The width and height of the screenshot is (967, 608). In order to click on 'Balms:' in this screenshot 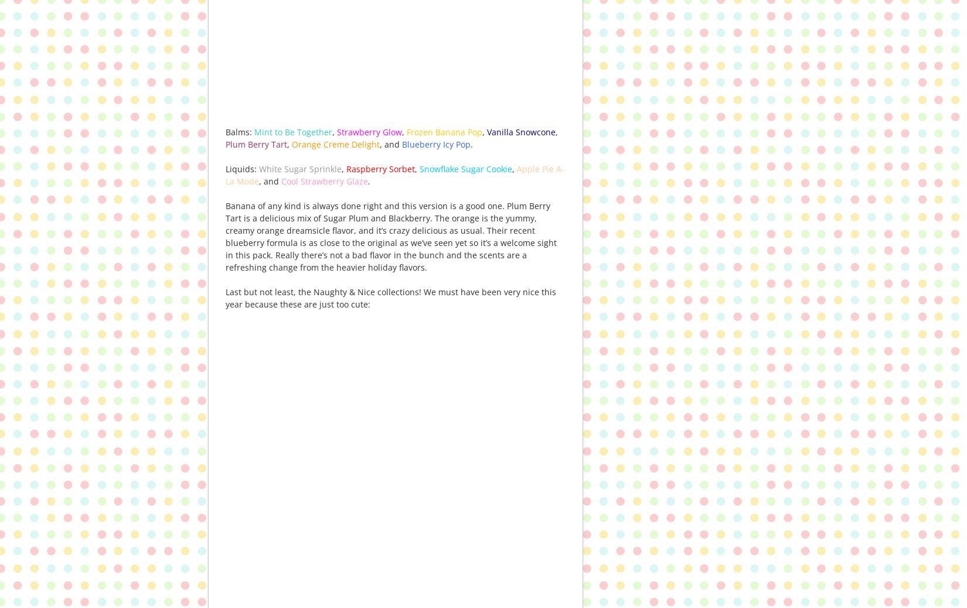, I will do `click(240, 131)`.